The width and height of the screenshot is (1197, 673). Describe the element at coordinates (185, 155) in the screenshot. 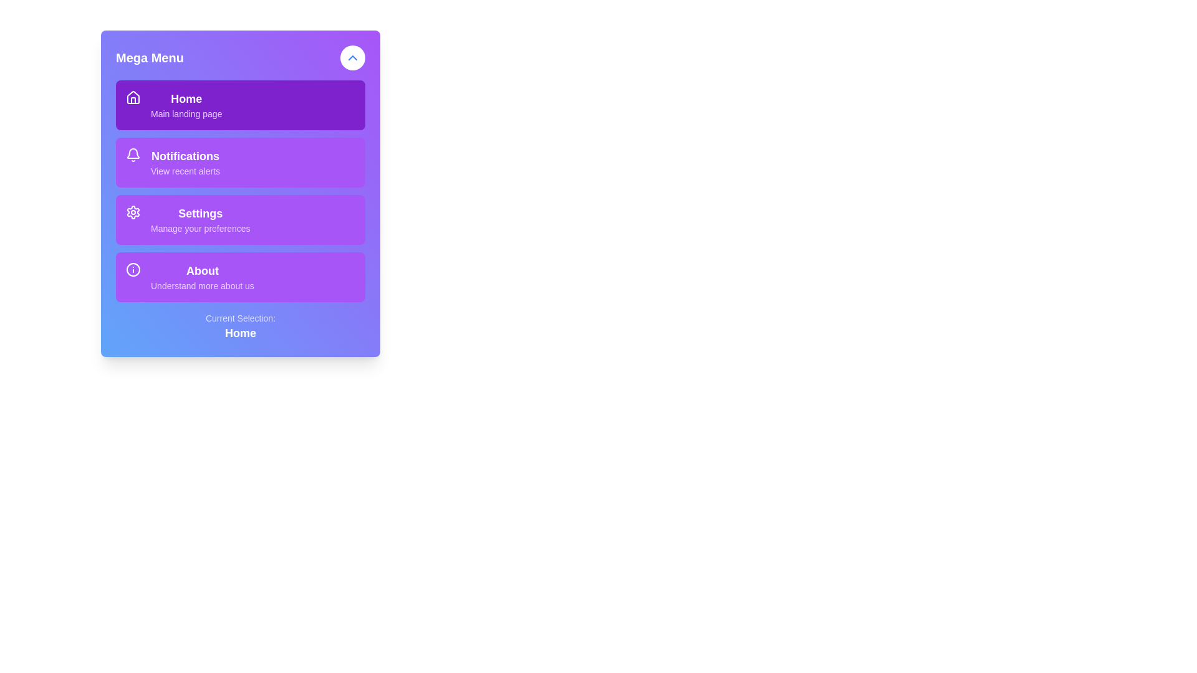

I see `the 'Notifications' text label in the vertical navigation menu that indicates the functionality of accessing recent notifications` at that location.